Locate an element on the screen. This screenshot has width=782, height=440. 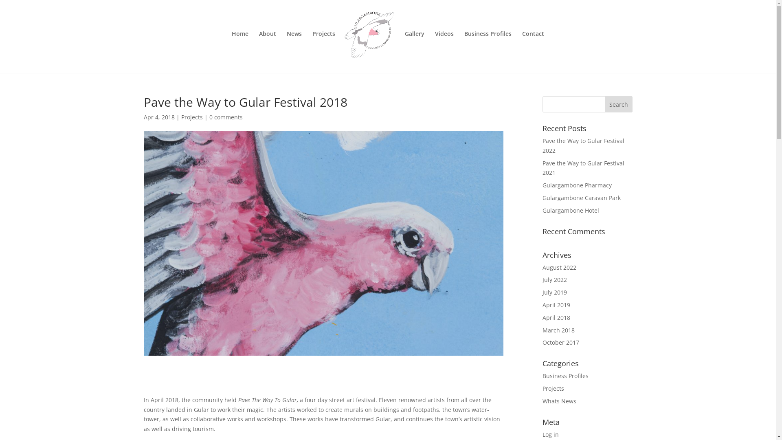
'Contact' is located at coordinates (533, 52).